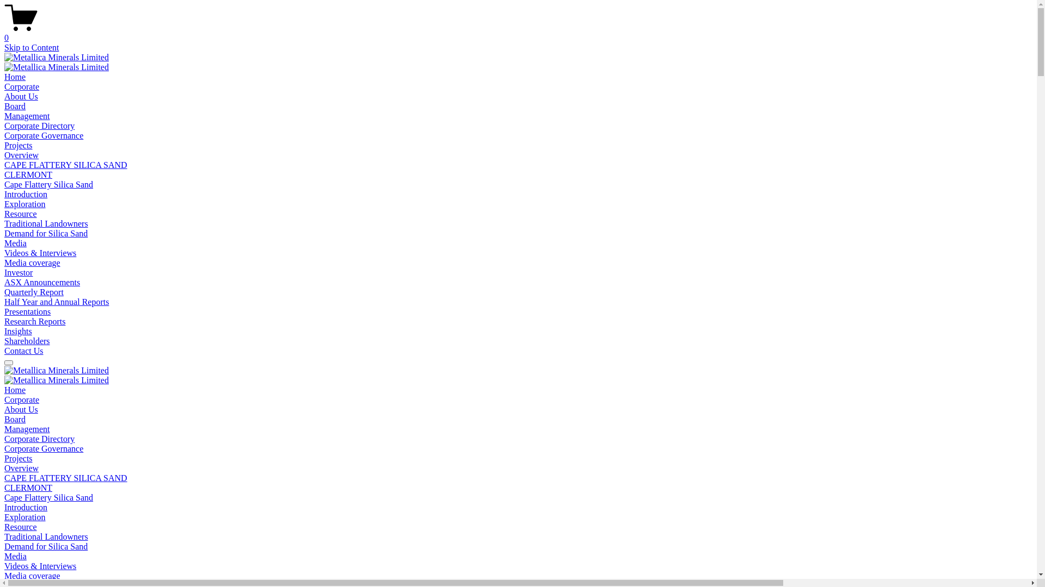  What do you see at coordinates (4, 526) in the screenshot?
I see `'Resource'` at bounding box center [4, 526].